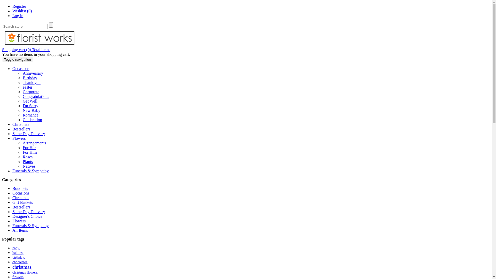 The height and width of the screenshot is (279, 496). What do you see at coordinates (25, 272) in the screenshot?
I see `'christmas flowers,'` at bounding box center [25, 272].